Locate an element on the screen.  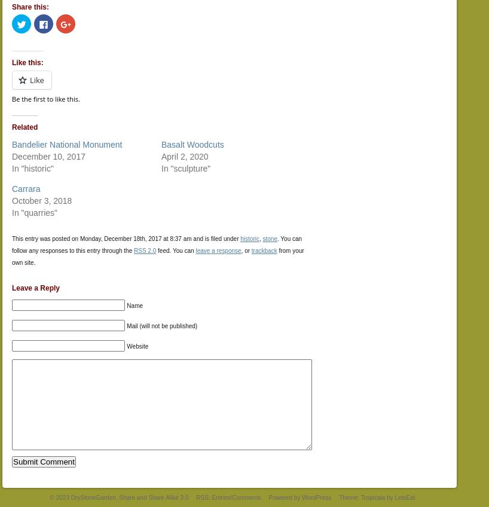
'LetsEat' is located at coordinates (404, 497).